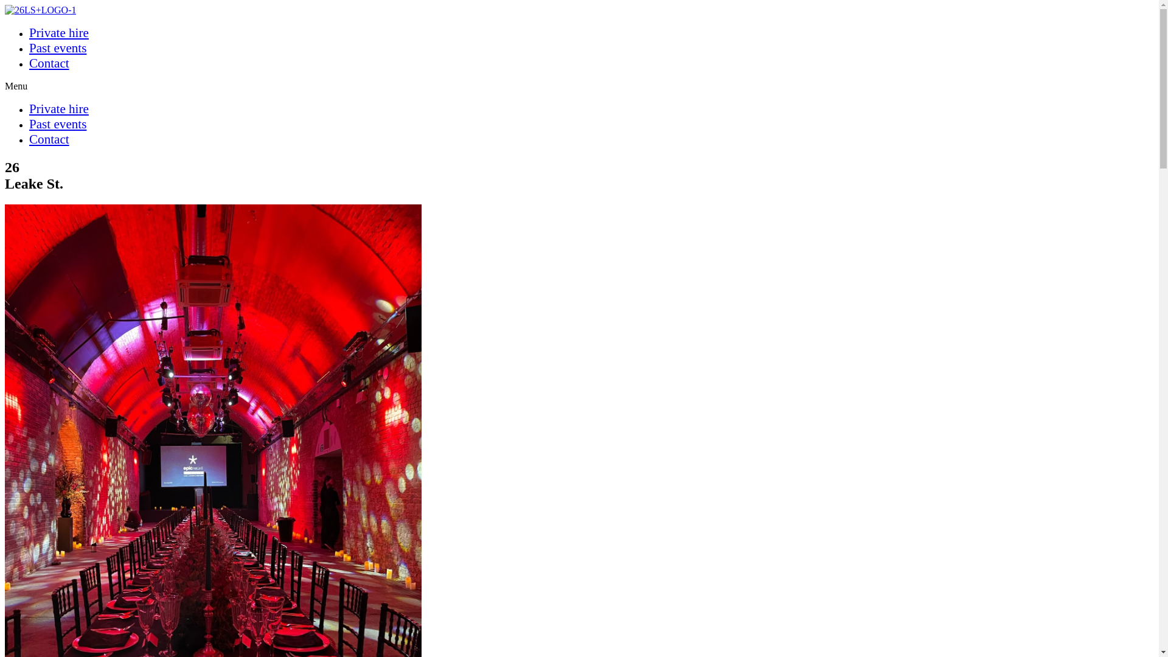 The width and height of the screenshot is (1168, 657). I want to click on '26LS+LOGO-1', so click(40, 10).